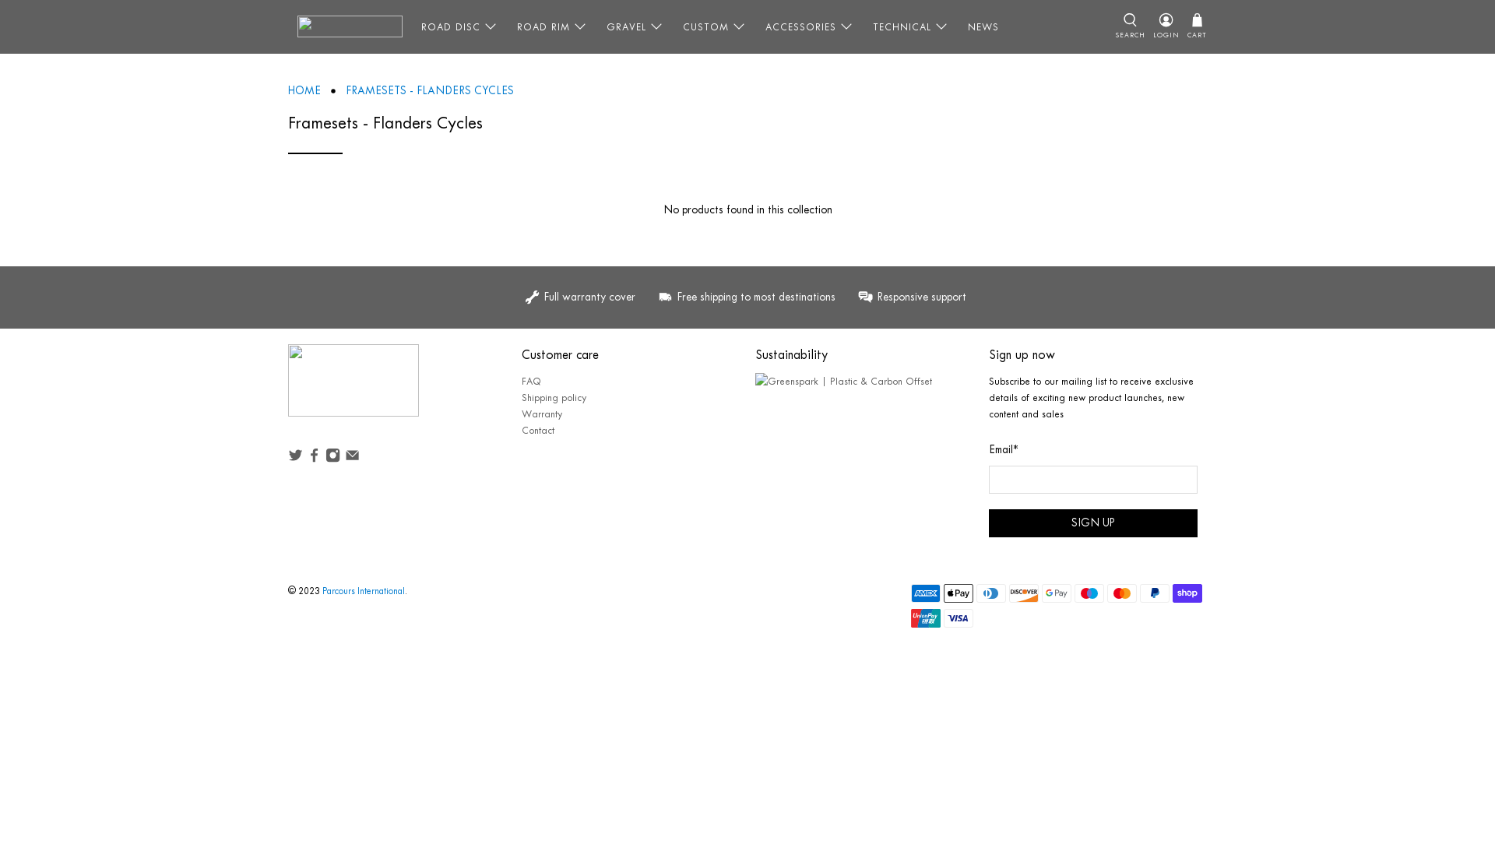 This screenshot has height=841, width=1495. Describe the element at coordinates (538, 430) in the screenshot. I see `'Contact'` at that location.